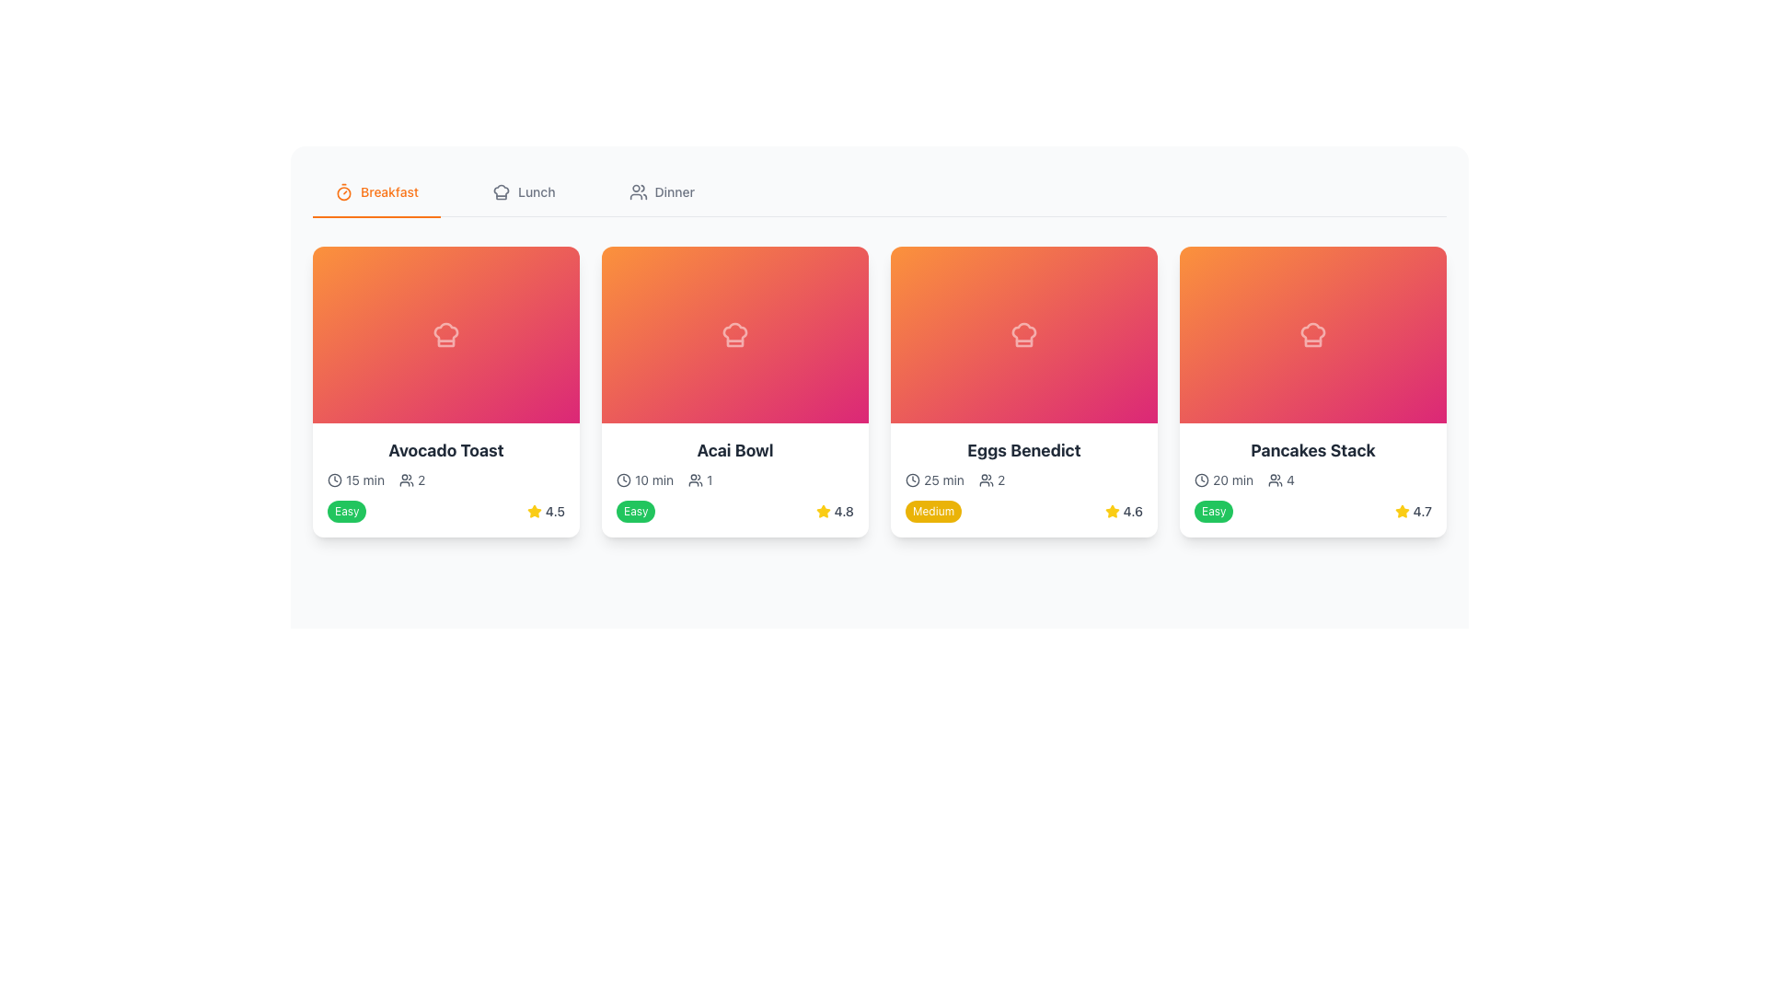  What do you see at coordinates (335, 479) in the screenshot?
I see `the circular outline of the clock icon in the 'Breakfast' menu tab by clicking on it` at bounding box center [335, 479].